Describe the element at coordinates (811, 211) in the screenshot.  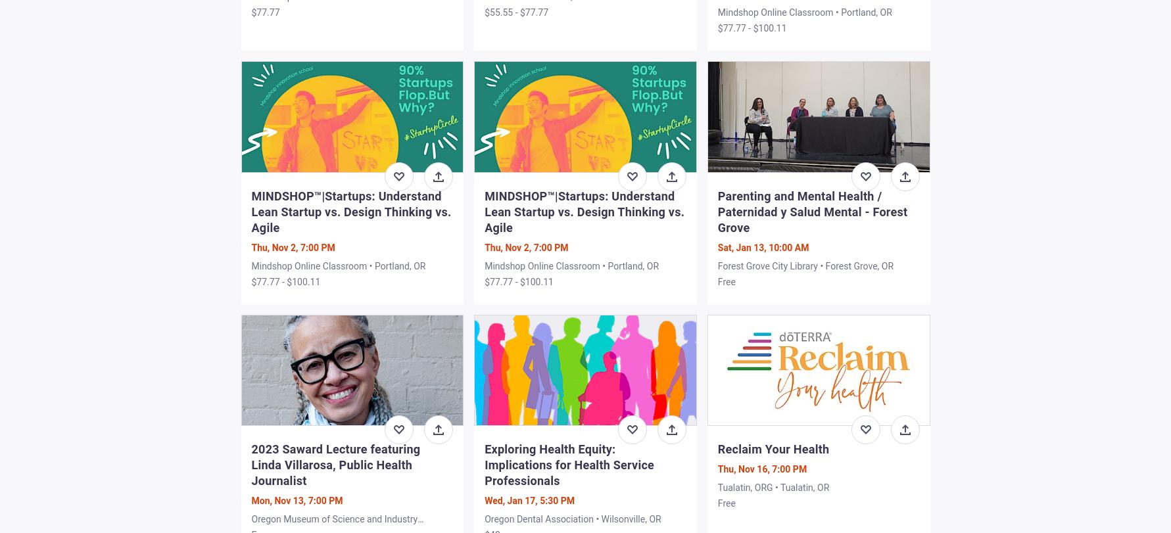
I see `'Parenting and Mental Health / Paternidad y Salud Mental - Forest Grove'` at that location.